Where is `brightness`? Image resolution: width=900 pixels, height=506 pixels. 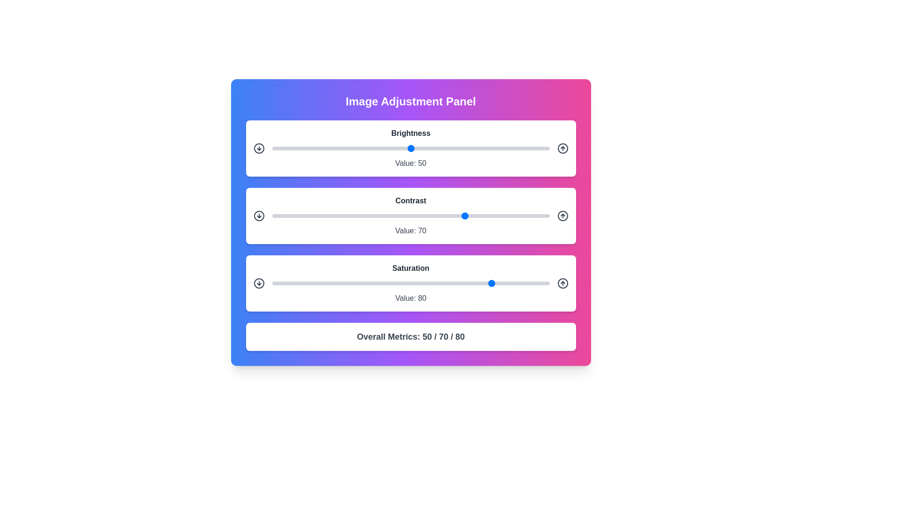
brightness is located at coordinates (463, 148).